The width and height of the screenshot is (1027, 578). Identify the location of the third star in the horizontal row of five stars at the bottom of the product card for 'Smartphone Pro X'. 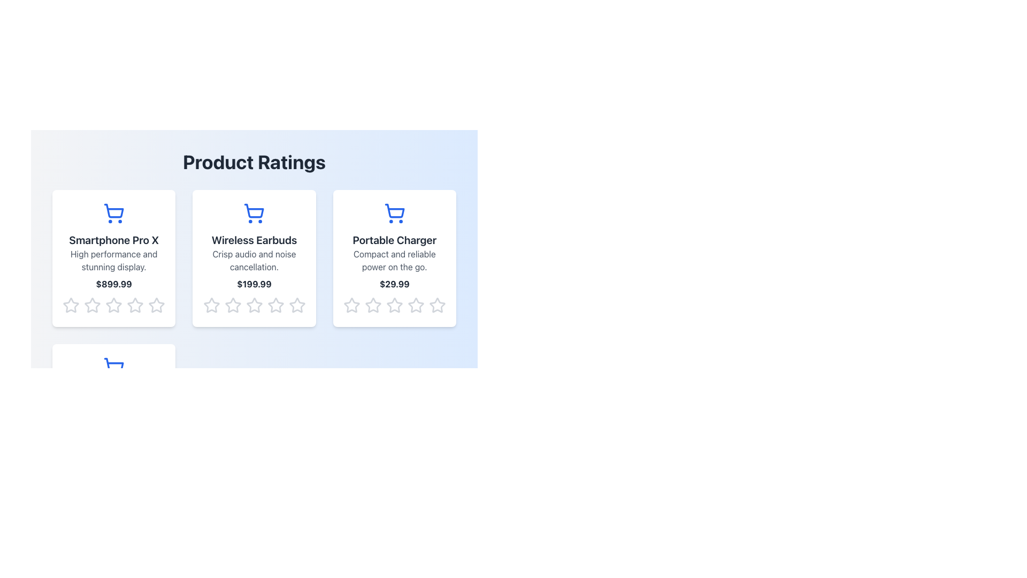
(114, 305).